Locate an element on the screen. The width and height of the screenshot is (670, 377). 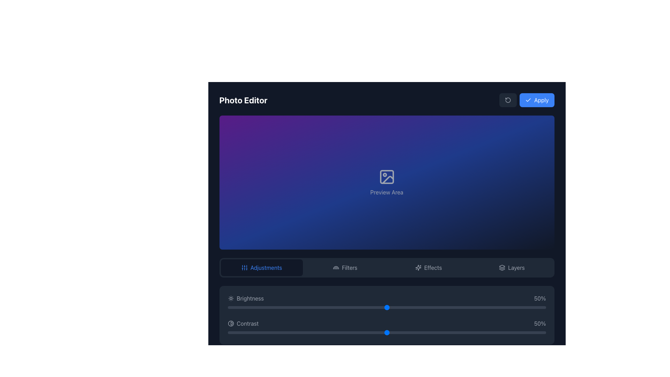
the circular icon with a thick border associated with contrast adjustment, located to the left of the 'Contrast' label in the photo editor interface is located at coordinates (231, 323).